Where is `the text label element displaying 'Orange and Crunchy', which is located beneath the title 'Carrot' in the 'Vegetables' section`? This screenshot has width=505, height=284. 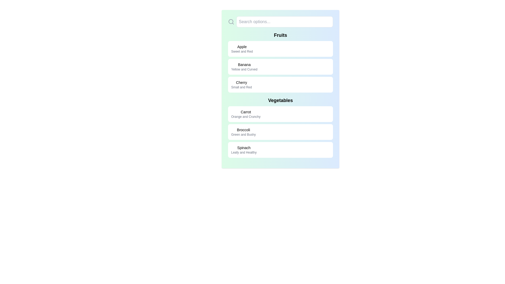 the text label element displaying 'Orange and Crunchy', which is located beneath the title 'Carrot' in the 'Vegetables' section is located at coordinates (245, 116).